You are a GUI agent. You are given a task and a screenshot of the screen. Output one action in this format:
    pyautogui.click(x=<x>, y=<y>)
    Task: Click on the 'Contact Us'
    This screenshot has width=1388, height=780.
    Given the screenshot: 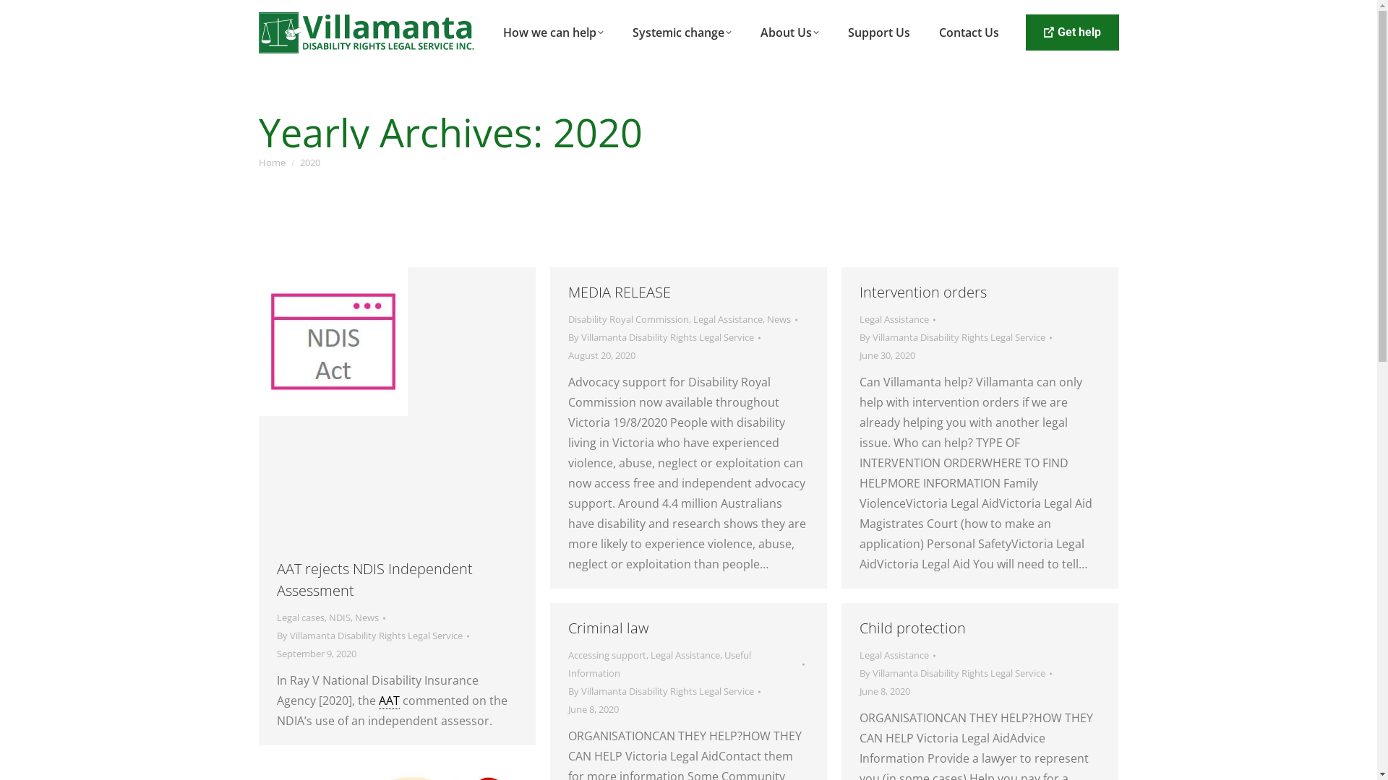 What is the action you would take?
    pyautogui.click(x=969, y=32)
    